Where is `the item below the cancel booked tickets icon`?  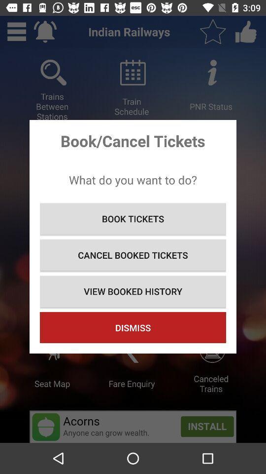 the item below the cancel booked tickets icon is located at coordinates (133, 291).